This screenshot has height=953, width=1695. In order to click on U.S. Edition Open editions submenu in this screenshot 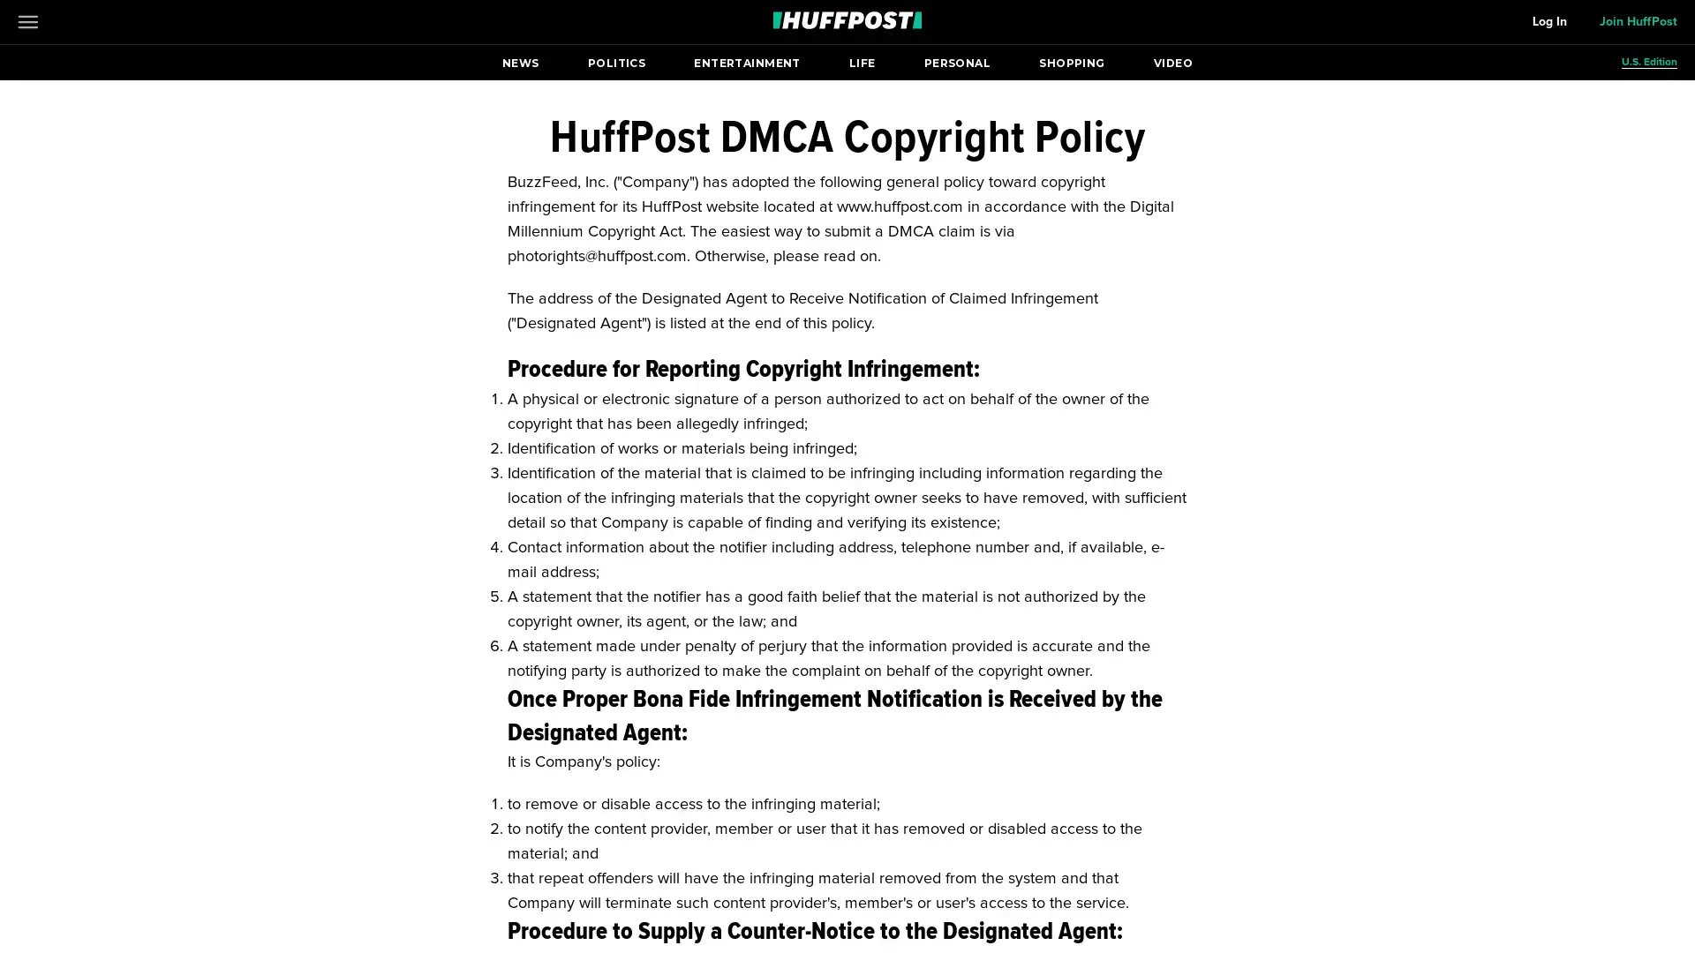, I will do `click(1648, 62)`.